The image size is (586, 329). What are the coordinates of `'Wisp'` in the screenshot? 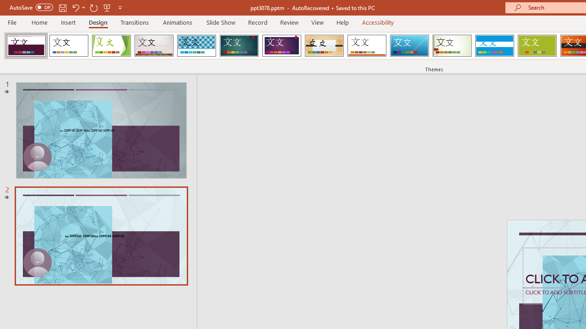 It's located at (452, 46).